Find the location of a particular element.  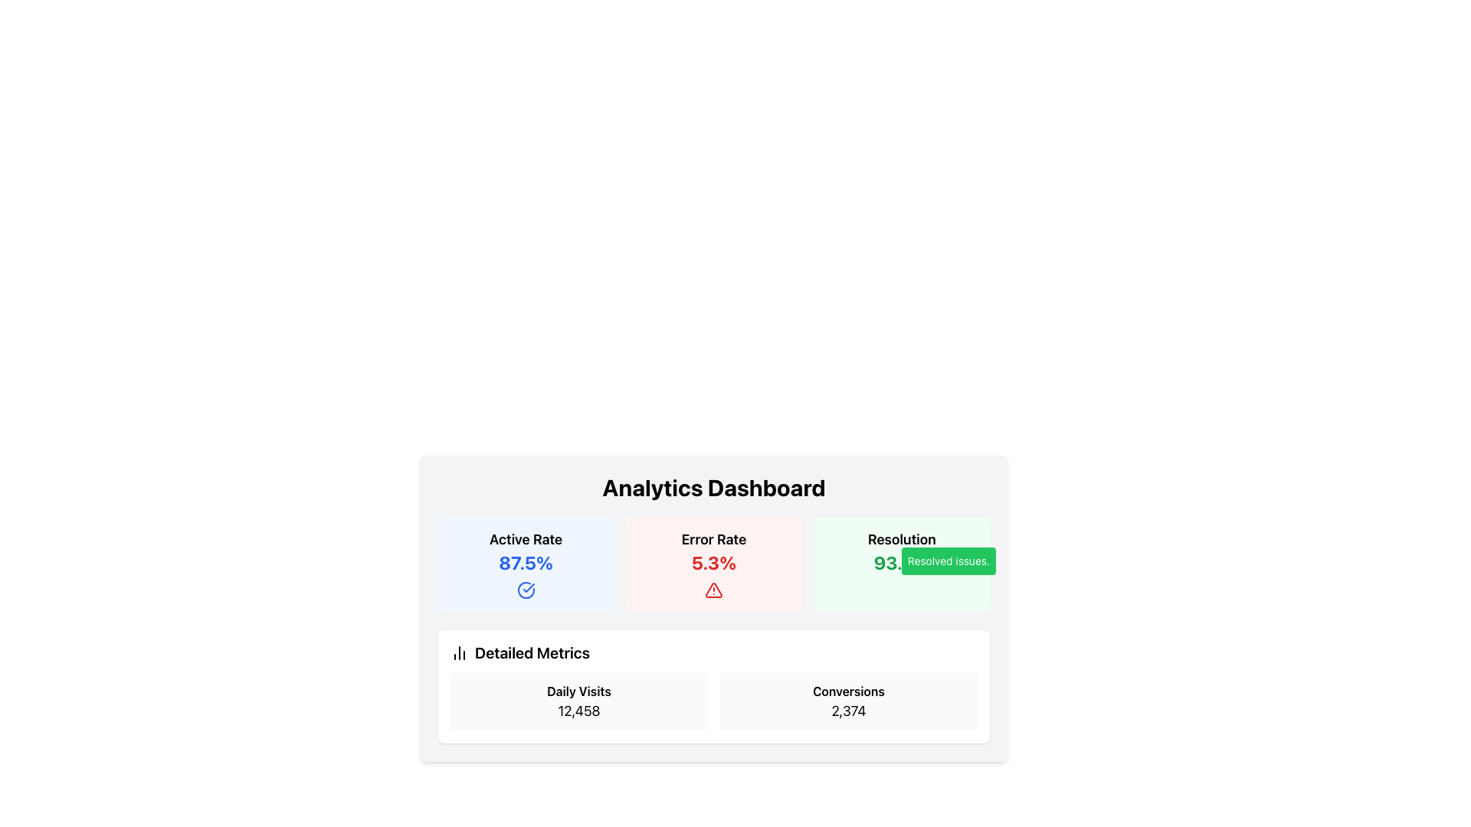

the content of the bold text label reading 'Resolution' located in the top section of the green card on the right side of the interface is located at coordinates (902, 539).